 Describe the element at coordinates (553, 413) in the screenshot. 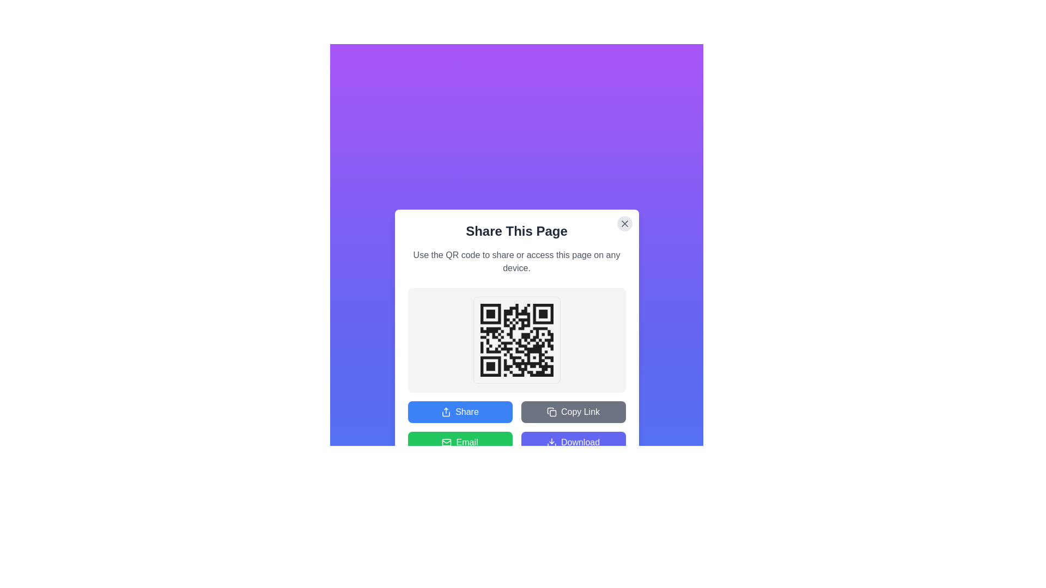

I see `the small square element with rounded corners that is styled like a copy button within the 'Share This Page' modal` at that location.